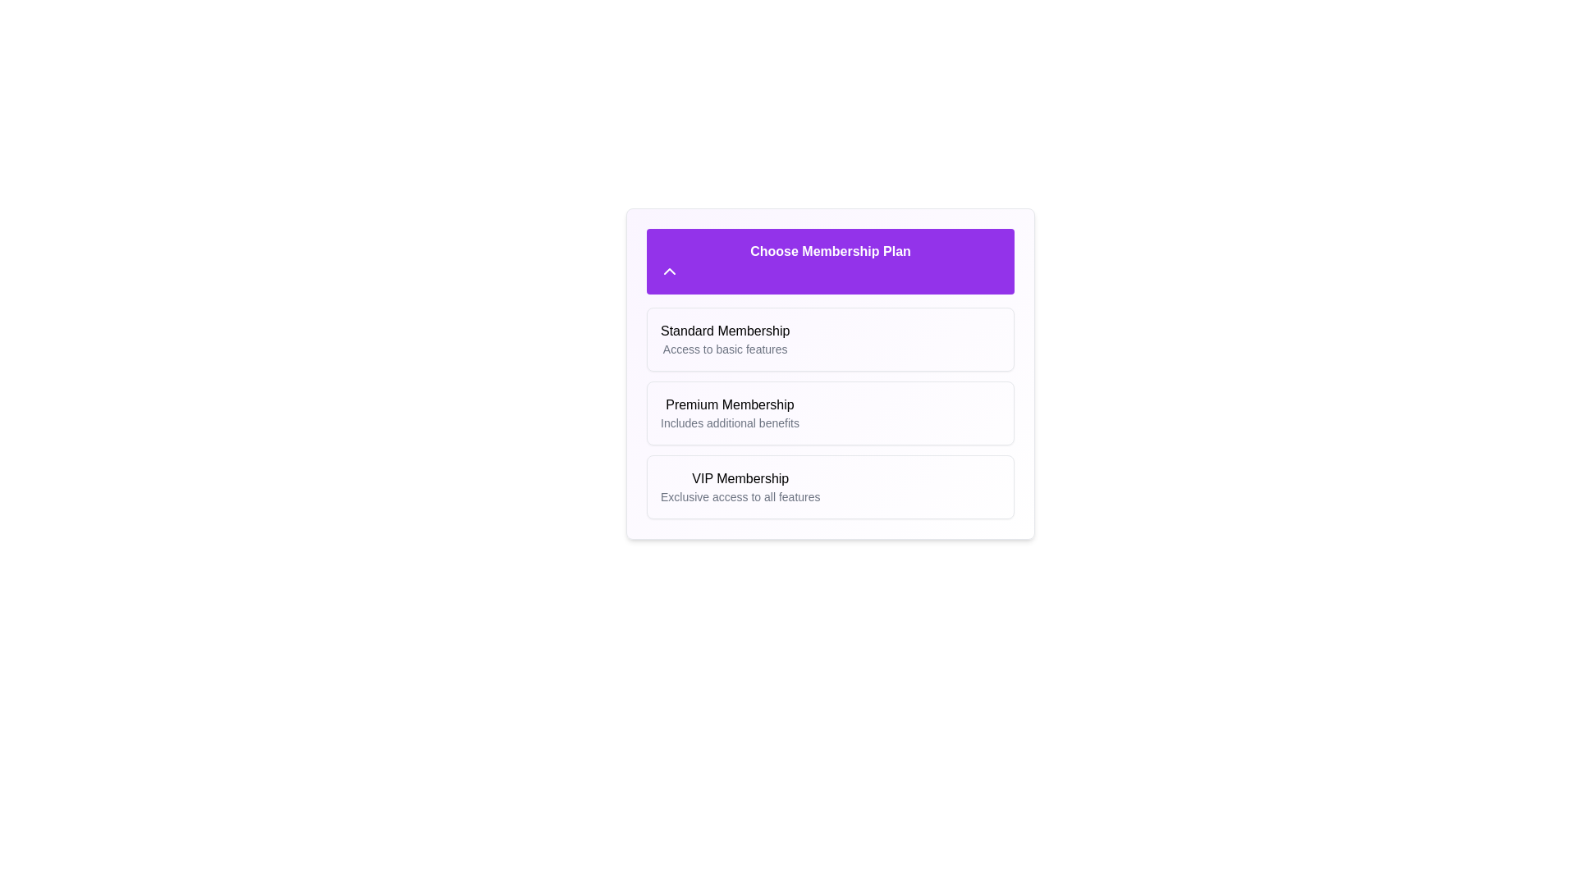 The image size is (1576, 886). I want to click on the 'VIP Membership' selectable list item, so click(831, 486).